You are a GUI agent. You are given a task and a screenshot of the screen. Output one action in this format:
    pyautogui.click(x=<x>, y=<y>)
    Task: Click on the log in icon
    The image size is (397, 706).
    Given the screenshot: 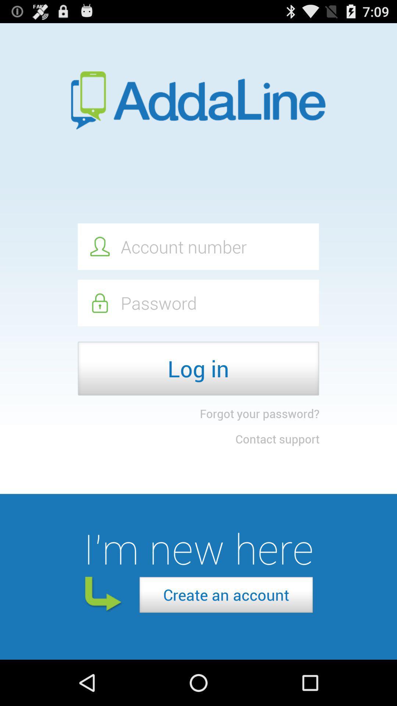 What is the action you would take?
    pyautogui.click(x=198, y=368)
    